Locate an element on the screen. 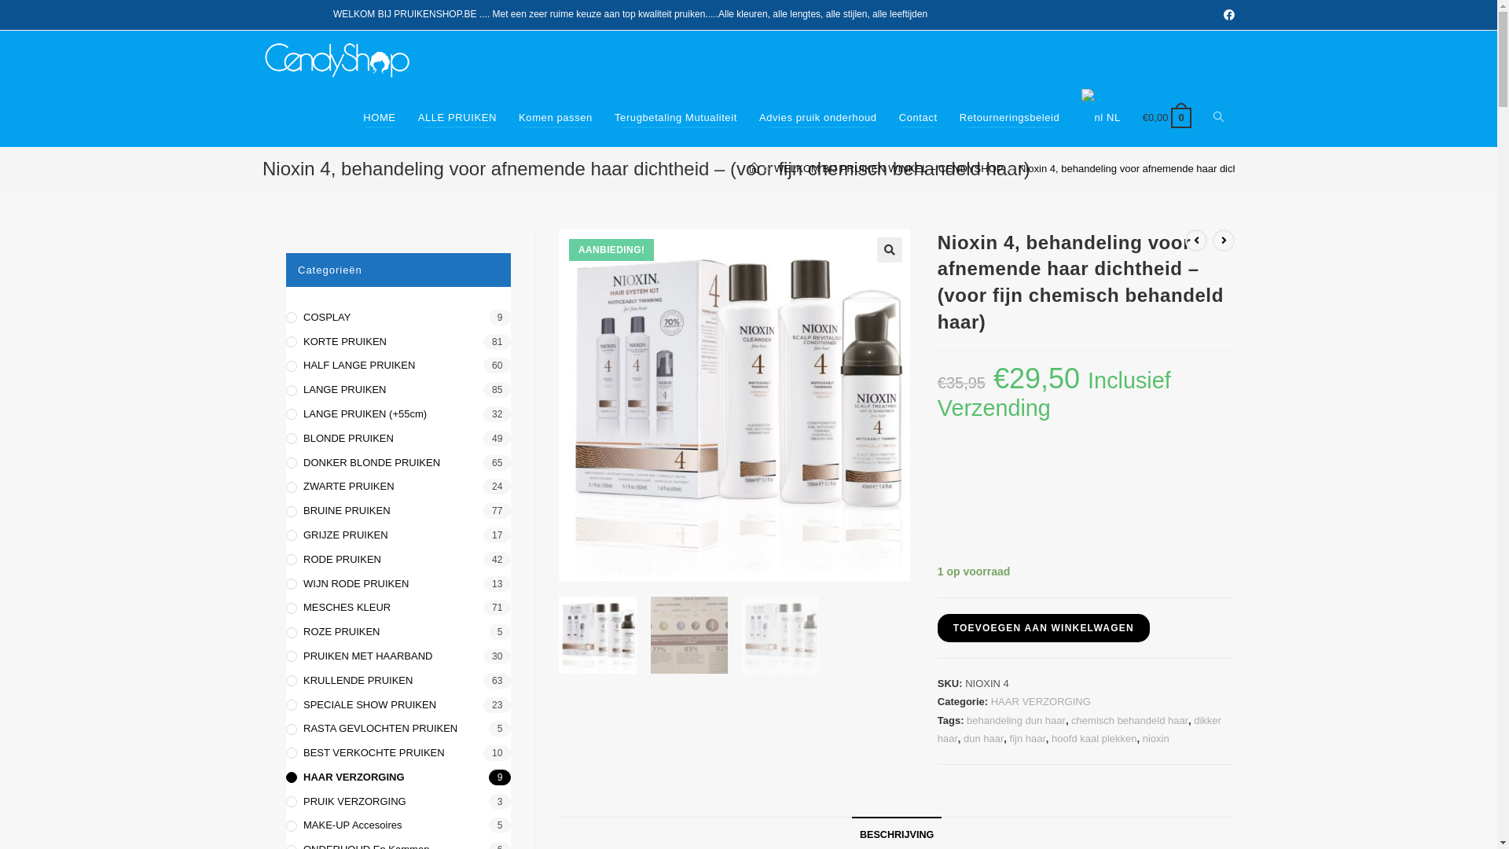 Image resolution: width=1509 pixels, height=849 pixels. 'GRIJZE PRUIKEN' is located at coordinates (398, 535).